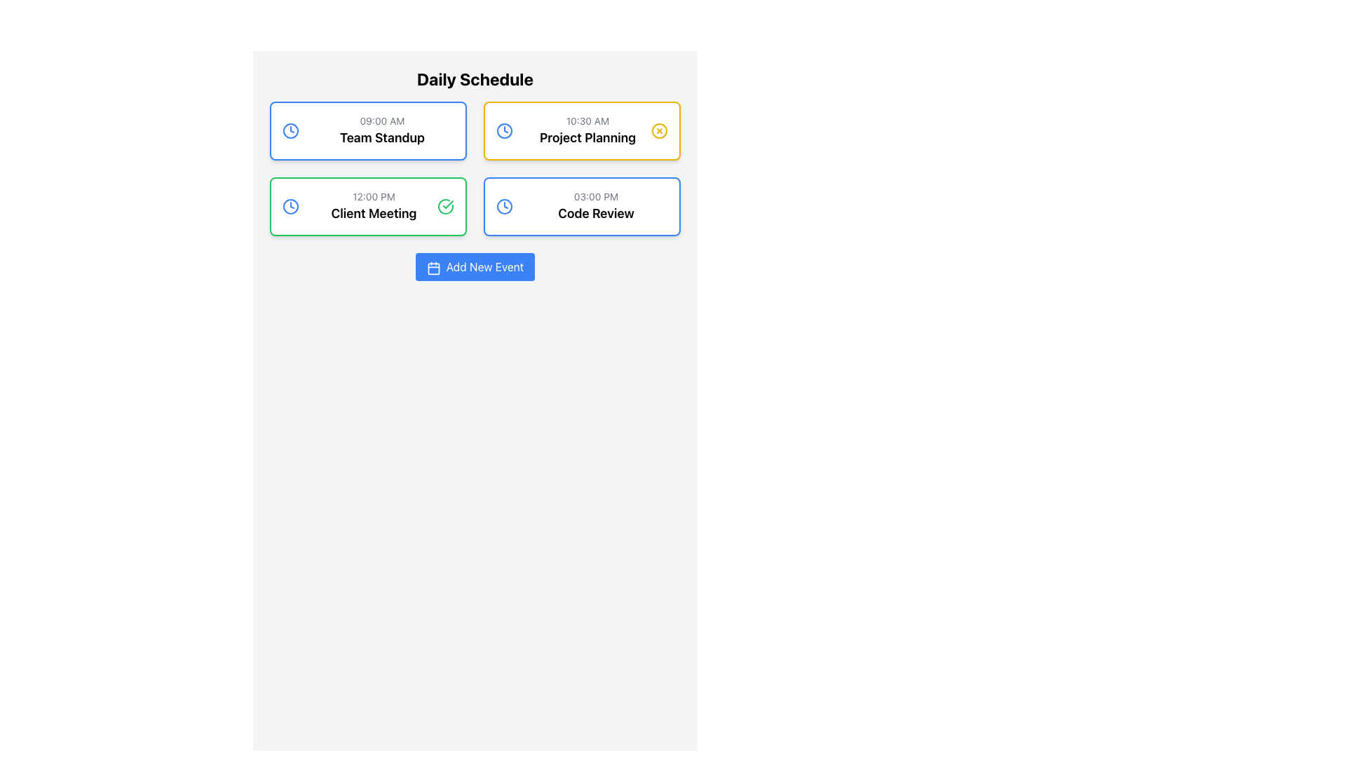 The height and width of the screenshot is (757, 1346). I want to click on the bold, large-sized header displaying the text 'Daily Schedule', which is centrally aligned at the top of the interface above the scheduled event cards, so click(475, 79).